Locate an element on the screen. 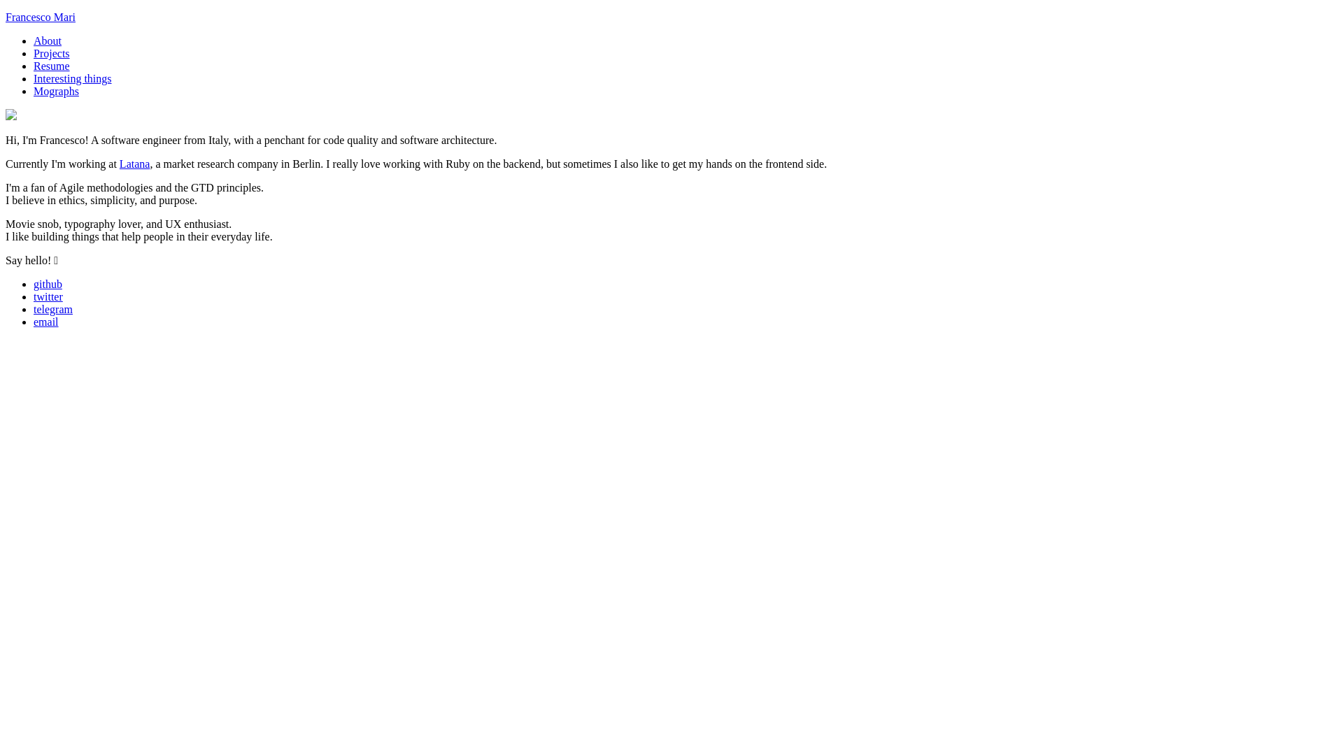  'Projects' is located at coordinates (51, 52).